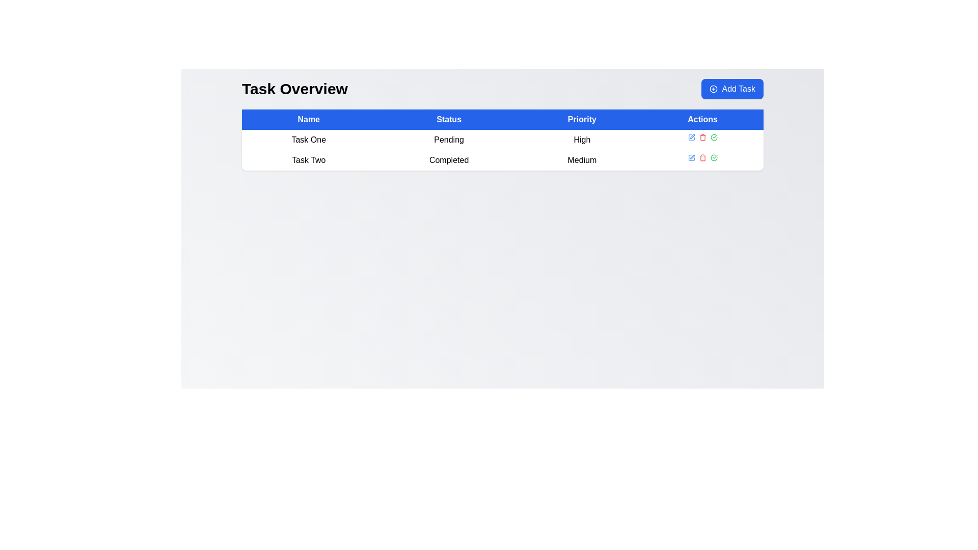 The height and width of the screenshot is (550, 978). What do you see at coordinates (582, 160) in the screenshot?
I see `the static text label indicating the priority level of the corresponding task located in the second row of the table under the 'Priority' column` at bounding box center [582, 160].